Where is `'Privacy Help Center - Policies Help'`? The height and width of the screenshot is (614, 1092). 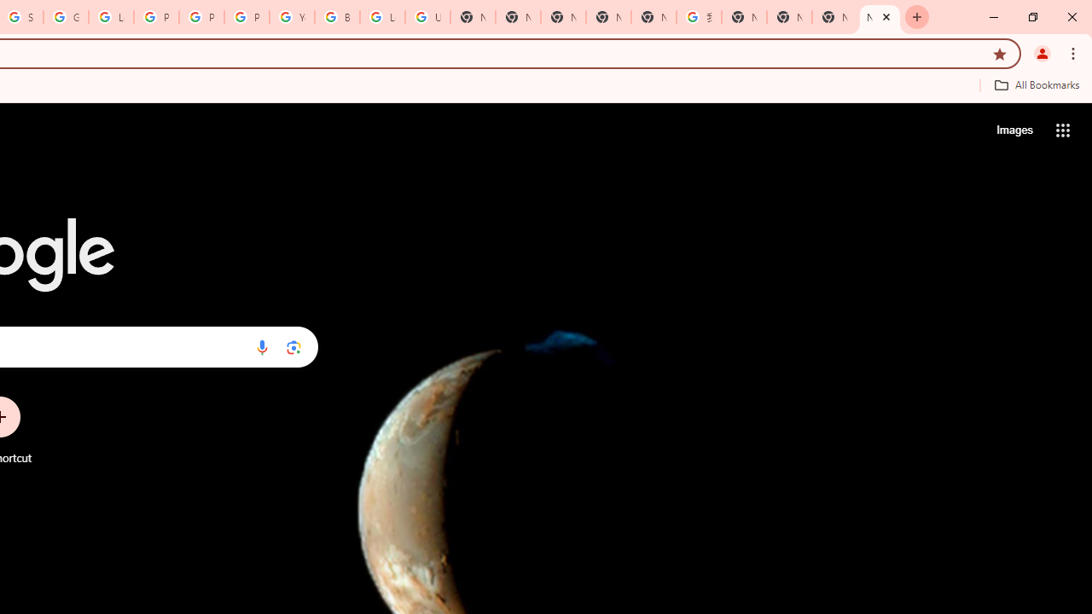 'Privacy Help Center - Policies Help' is located at coordinates (156, 17).